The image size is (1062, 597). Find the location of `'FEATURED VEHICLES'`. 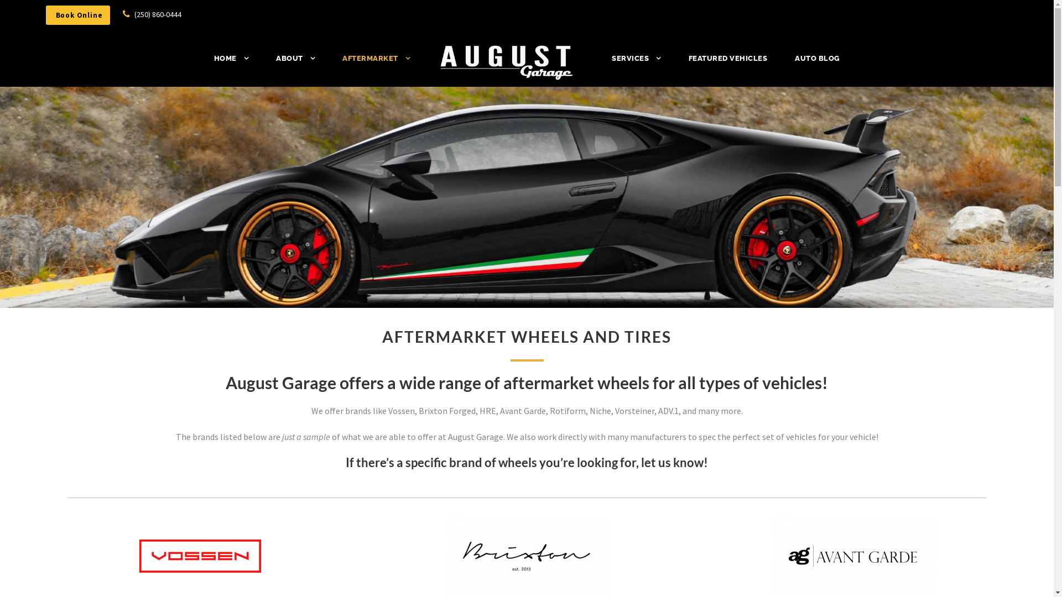

'FEATURED VEHICLES' is located at coordinates (687, 64).